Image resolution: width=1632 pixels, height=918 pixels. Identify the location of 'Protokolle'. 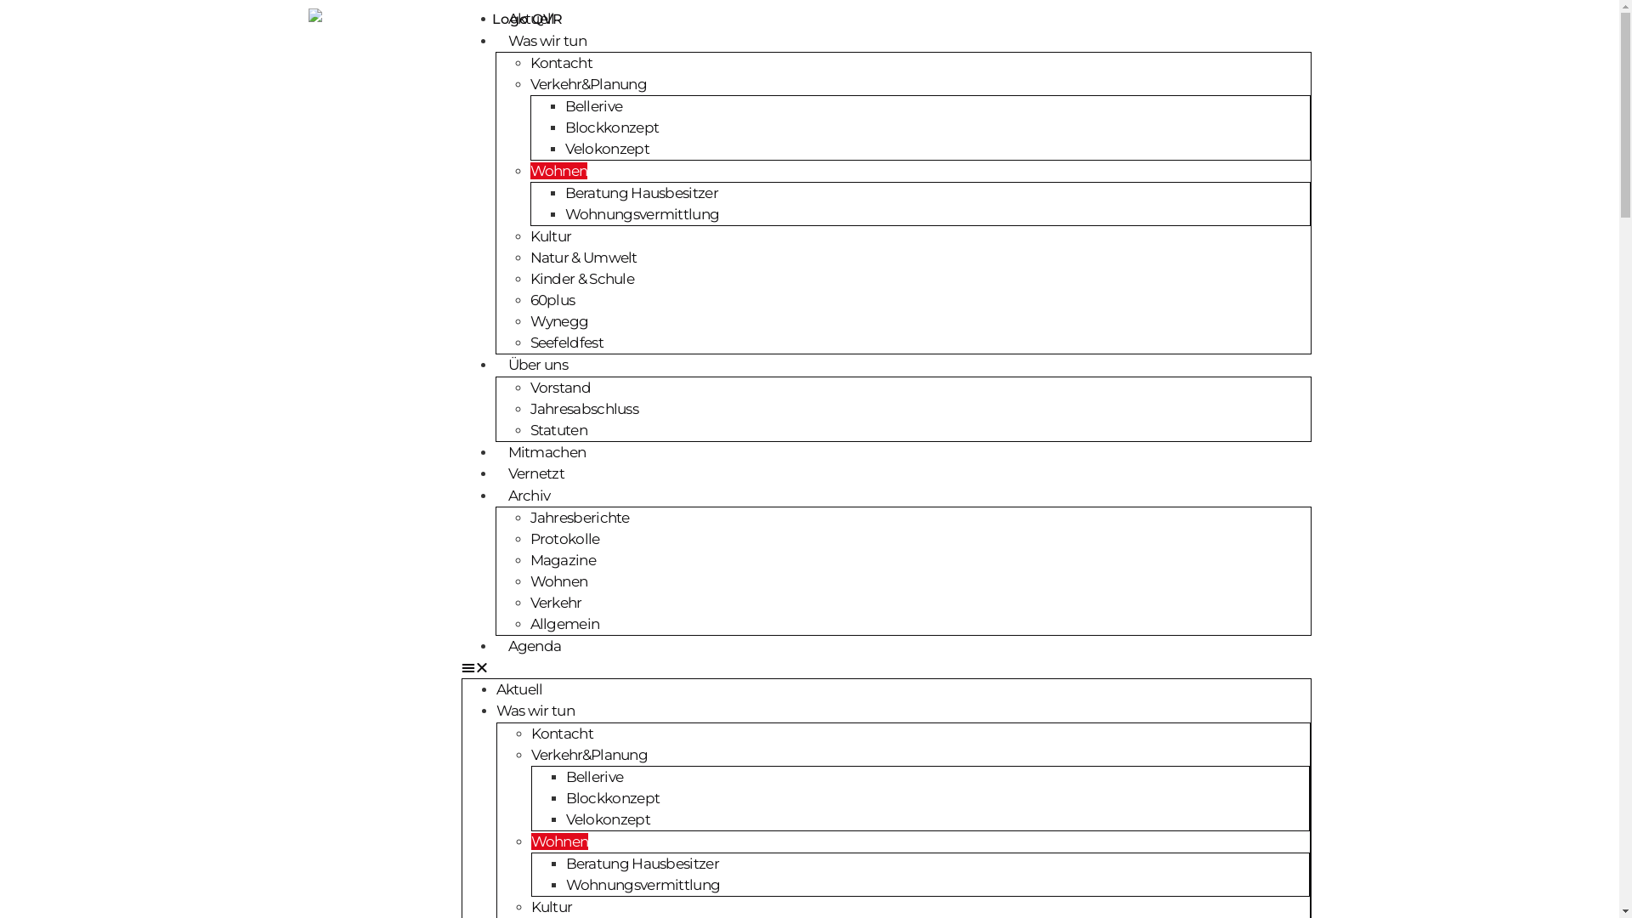
(565, 538).